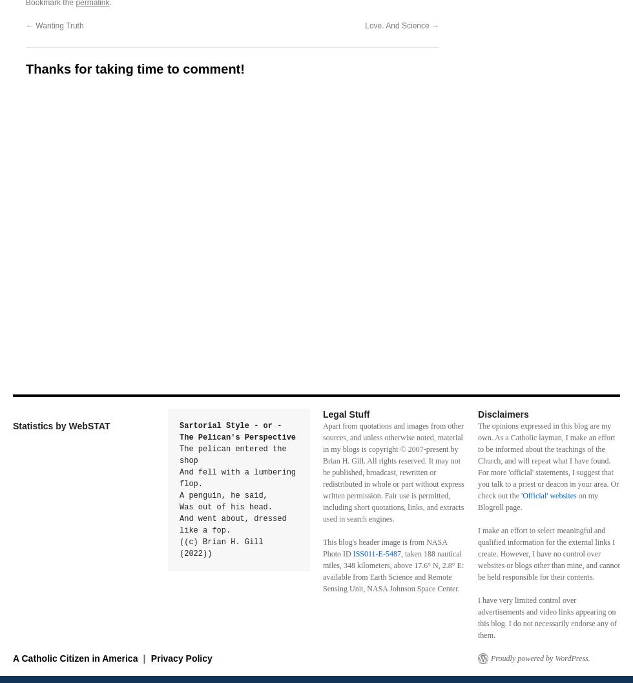  I want to click on 'This blog's header image is from NASA Photo ID', so click(385, 547).